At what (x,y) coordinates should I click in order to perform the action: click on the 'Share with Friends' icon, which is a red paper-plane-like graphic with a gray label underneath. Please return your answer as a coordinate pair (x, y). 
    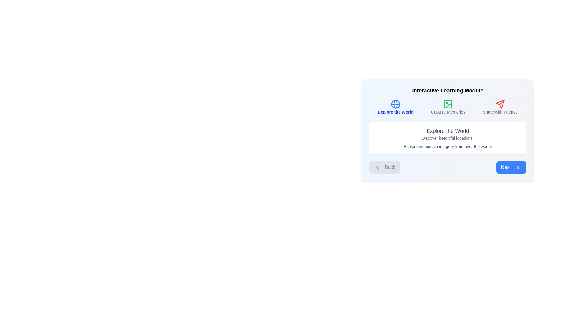
    Looking at the image, I should click on (500, 107).